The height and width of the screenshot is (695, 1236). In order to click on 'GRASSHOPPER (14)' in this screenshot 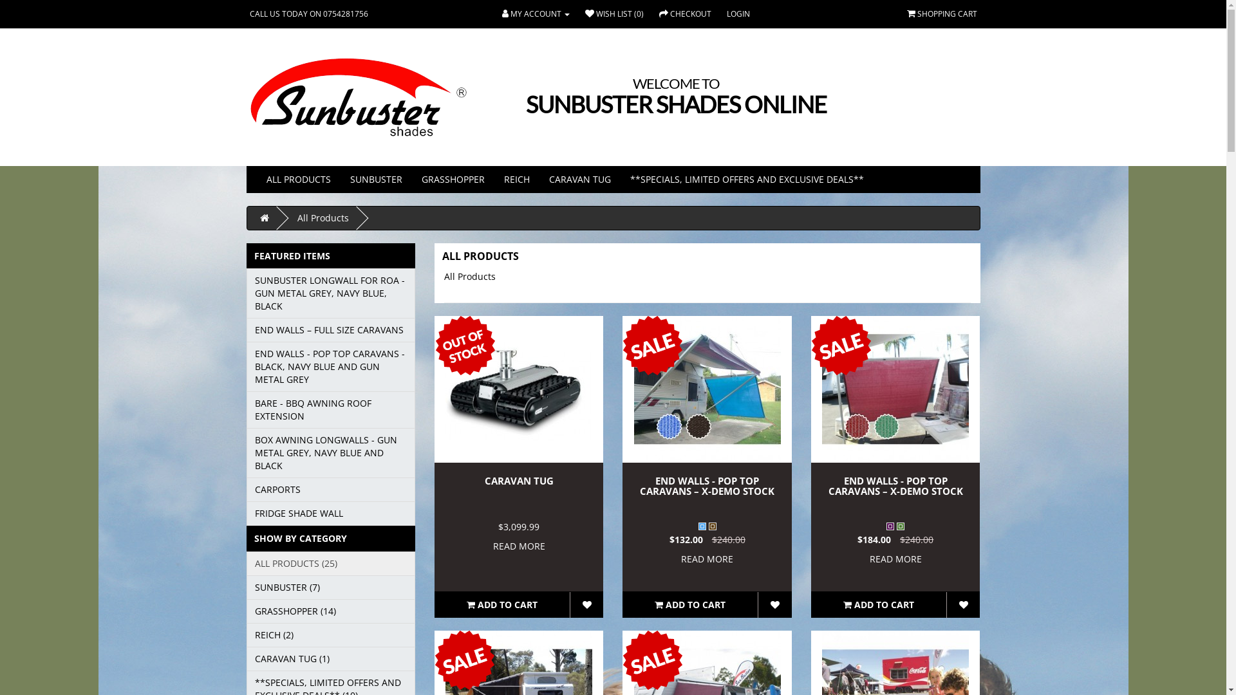, I will do `click(330, 610)`.